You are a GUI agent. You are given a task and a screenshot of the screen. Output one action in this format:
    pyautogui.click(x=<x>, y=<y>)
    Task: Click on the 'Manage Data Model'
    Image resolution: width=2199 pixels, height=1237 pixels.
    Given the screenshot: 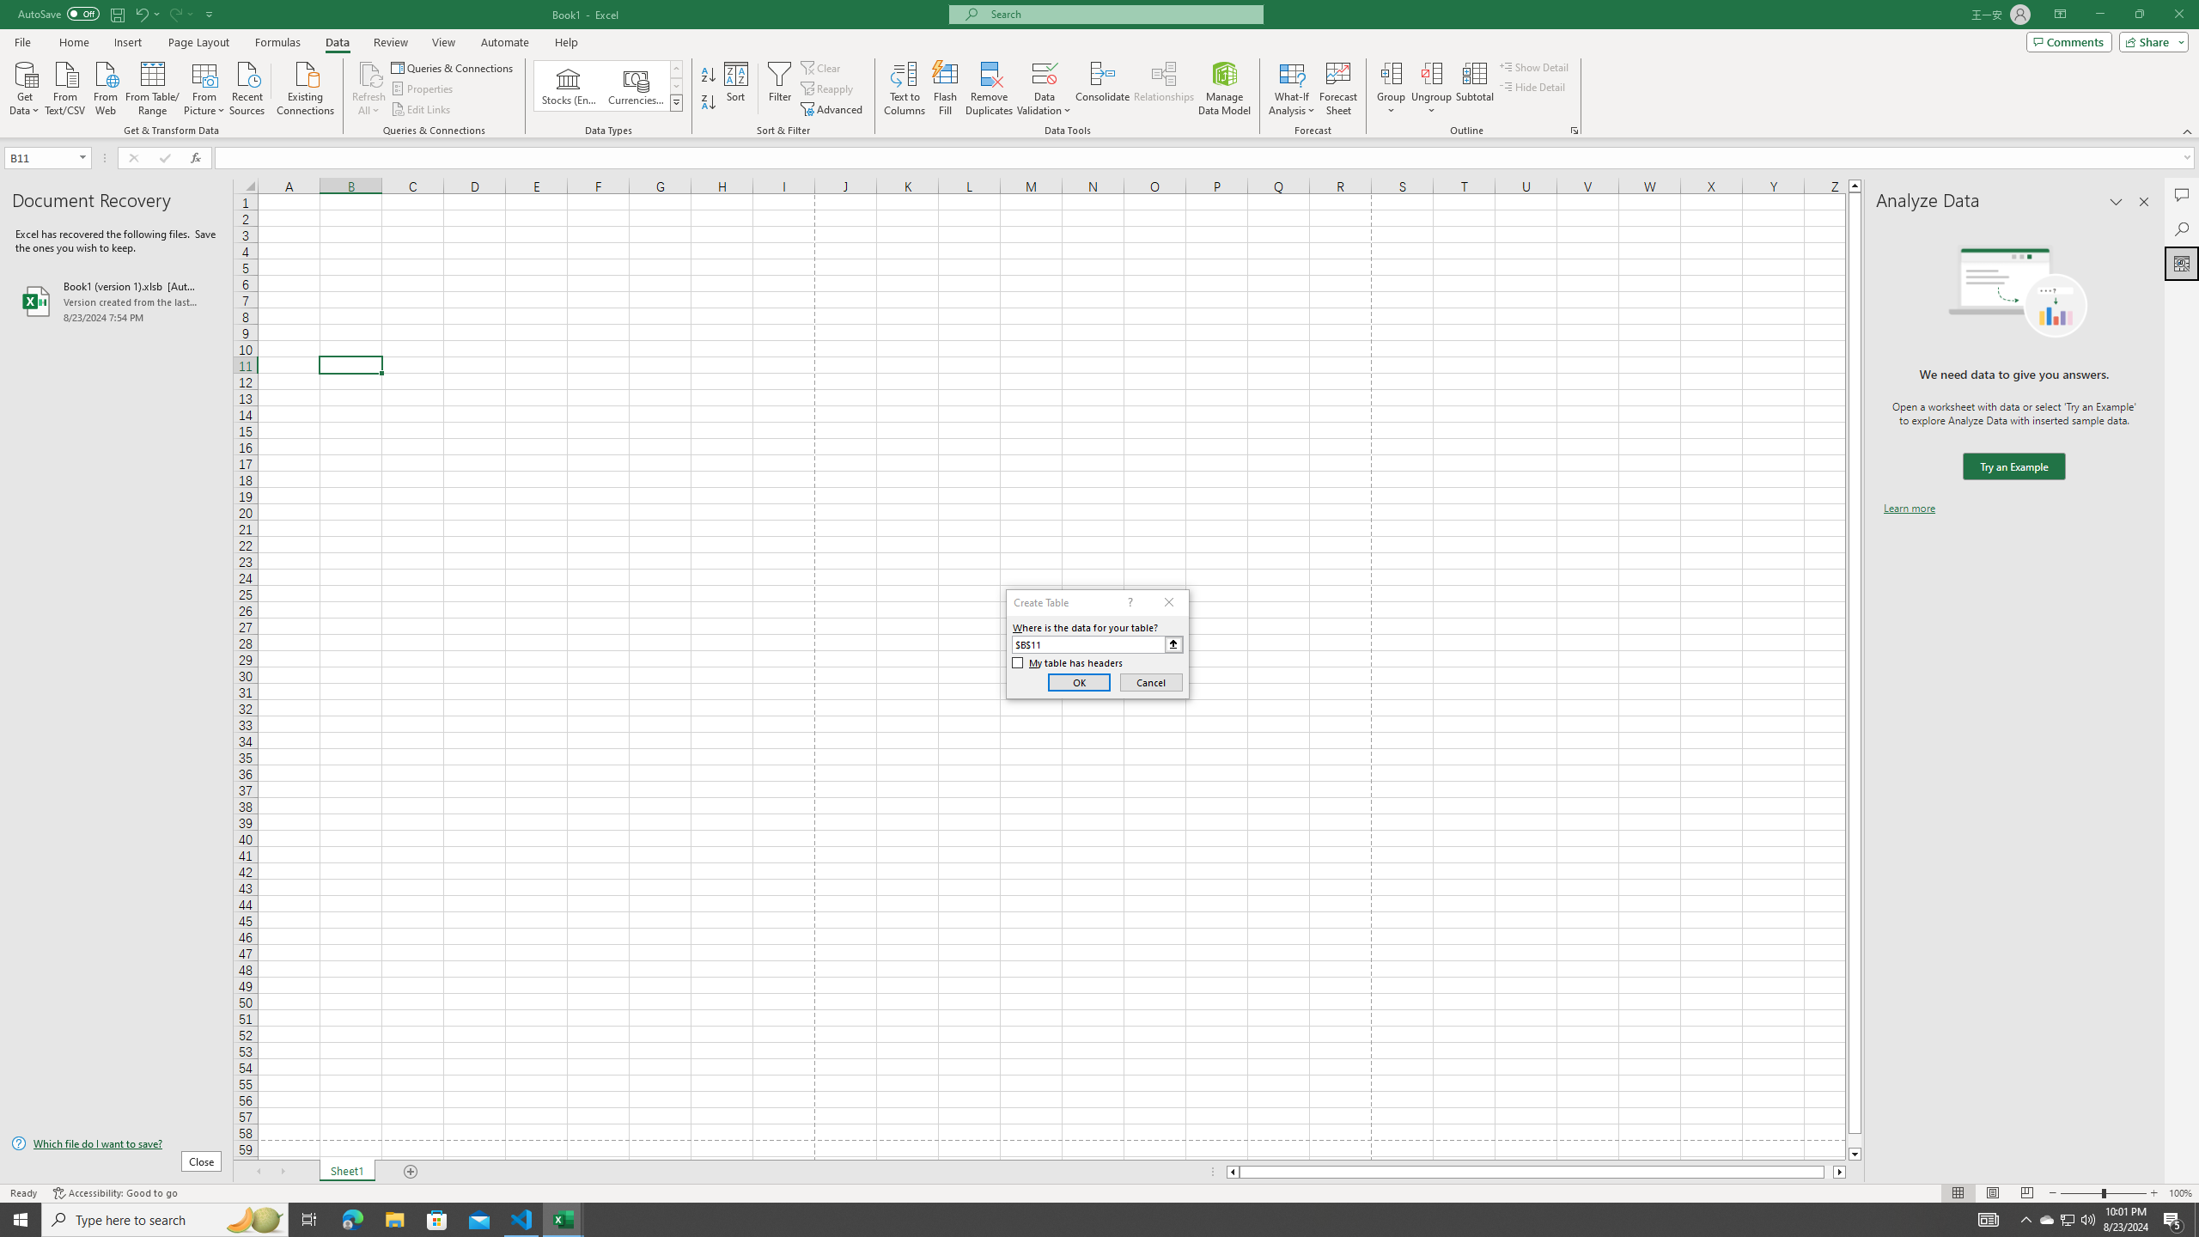 What is the action you would take?
    pyautogui.click(x=1223, y=88)
    